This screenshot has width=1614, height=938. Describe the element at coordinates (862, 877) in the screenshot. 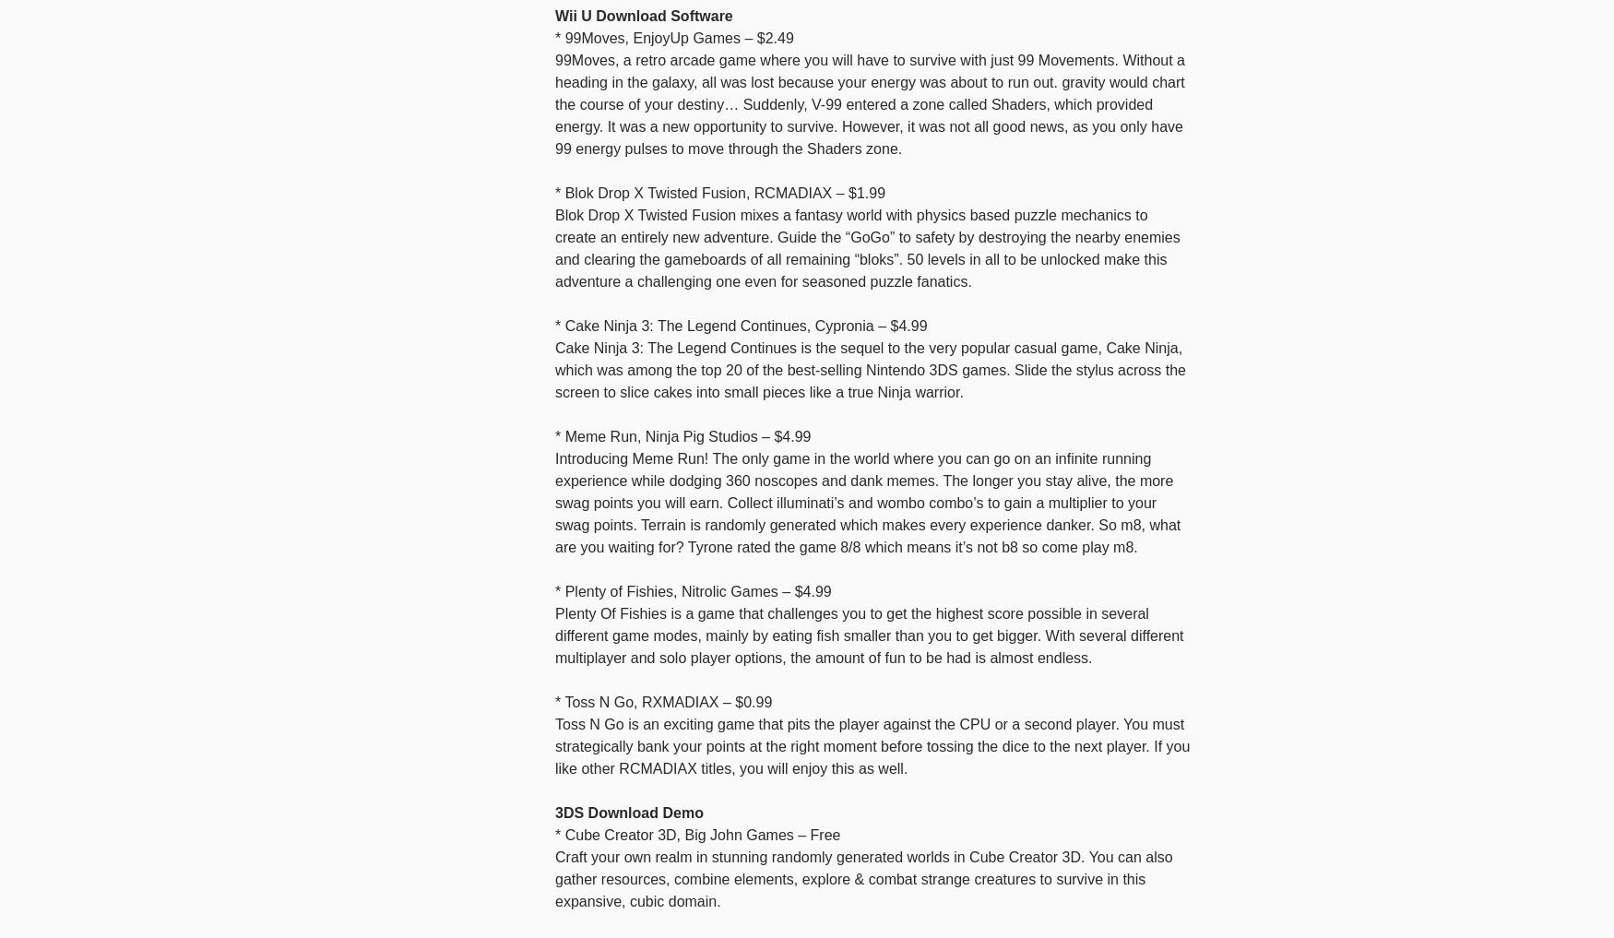

I see `'Craft your own realm in stunning randomly generated worlds in Cube Creator 3D. You can also gather resources, combine elements, explore & combat strange creatures to survive in this expansive, cubic domain.'` at that location.